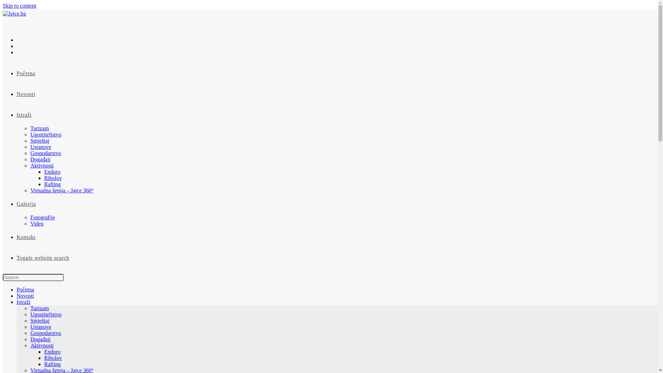 The width and height of the screenshot is (663, 373). I want to click on 'Skip to content', so click(19, 6).